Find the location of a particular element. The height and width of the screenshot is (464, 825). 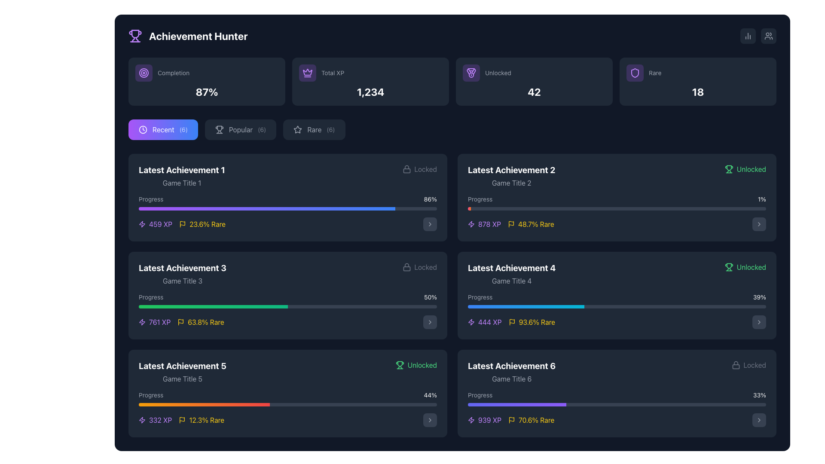

the experience points icon located in the 'Latest Achievement 1' section, which is aligned to the left of the purple '459 XP' indicator, to associate it with the nearby XP value is located at coordinates (142, 322).